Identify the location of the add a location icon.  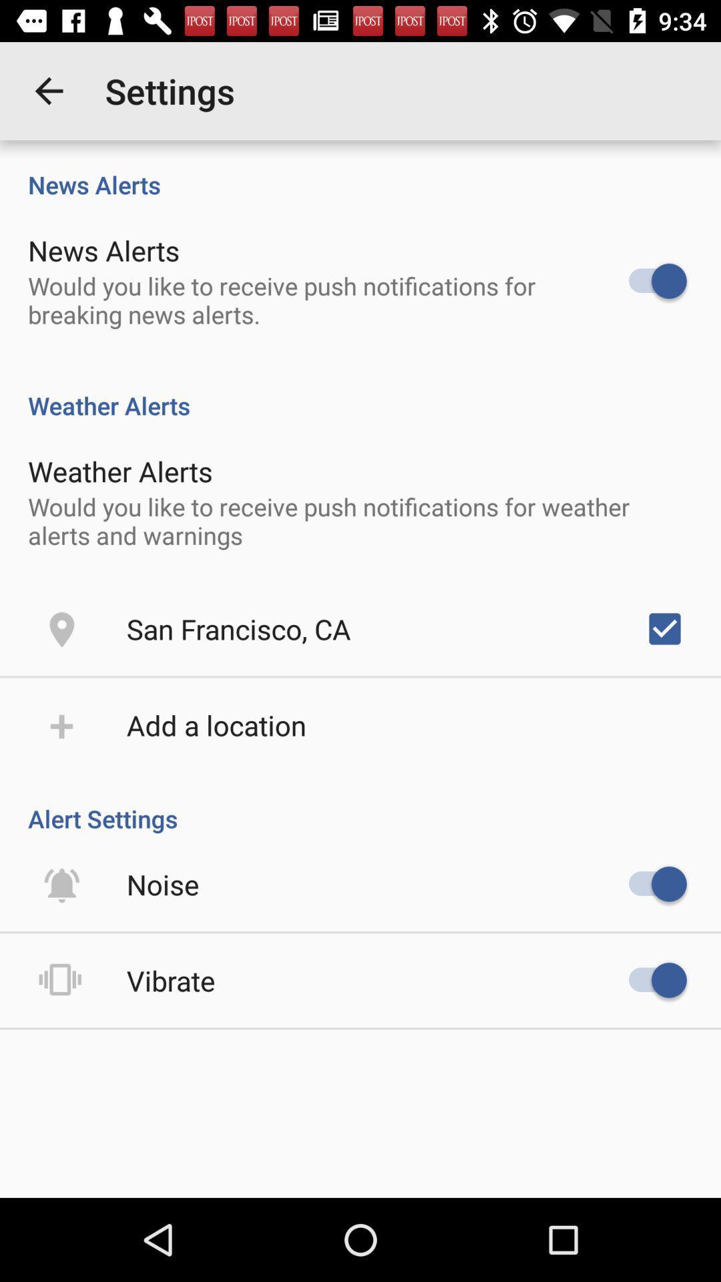
(216, 724).